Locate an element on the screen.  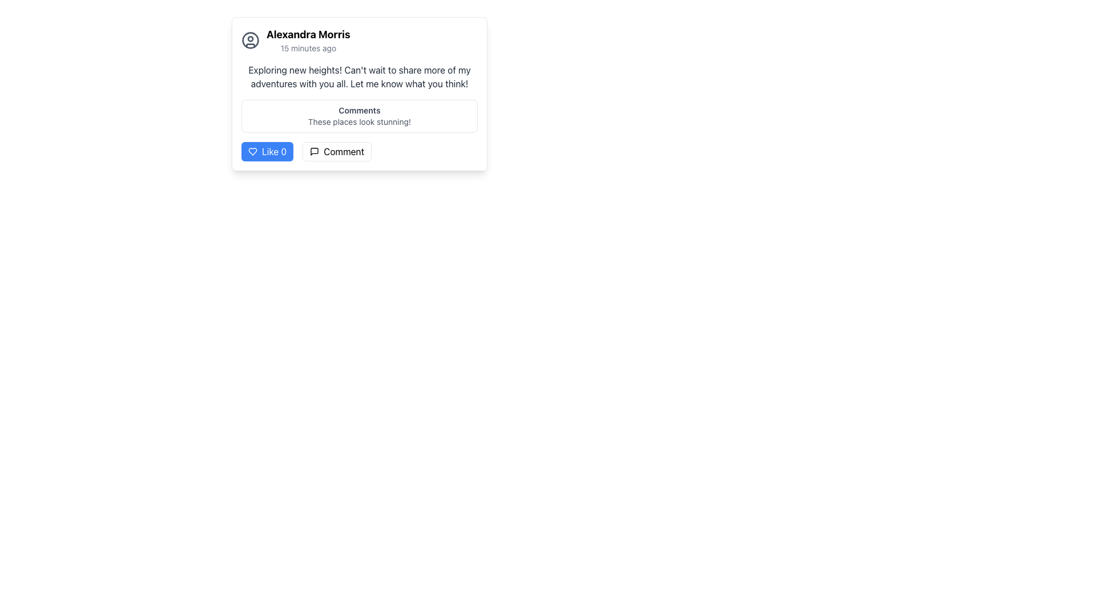
the 'Like 0' button, which is styled with a blue background and located beneath the user post interface, to interact with it is located at coordinates (274, 151).